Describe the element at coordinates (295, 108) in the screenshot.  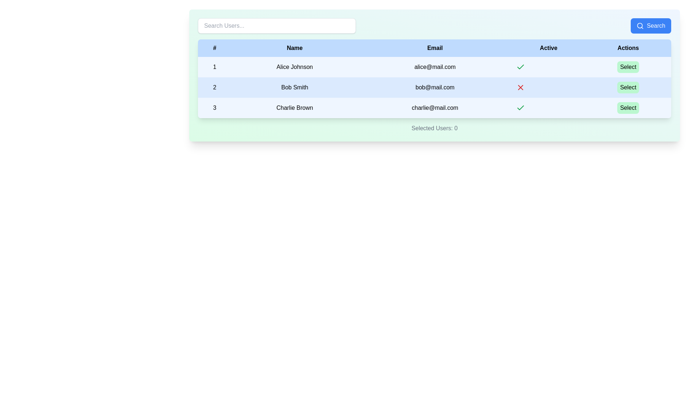
I see `the text label displaying the name 'Charlie Brown' located in the third row and second column of the table, adjacent to the number '3' and the email 'charlie@mail.com'` at that location.